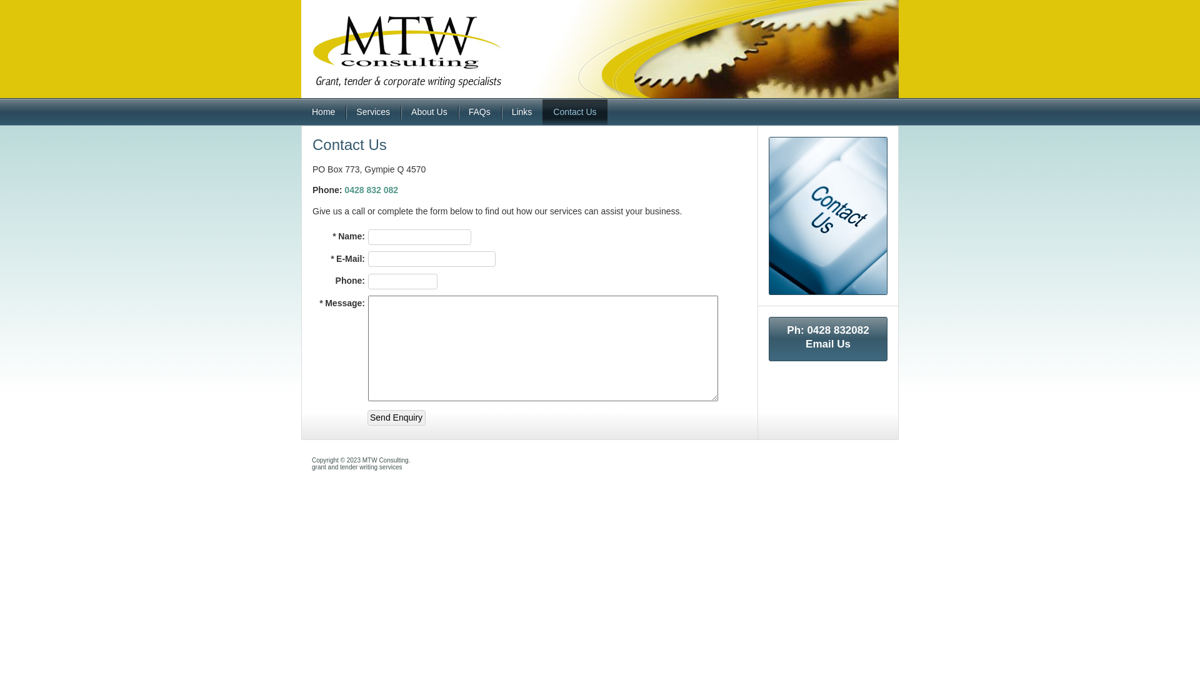 The width and height of the screenshot is (1200, 675). I want to click on 'About Us', so click(429, 111).